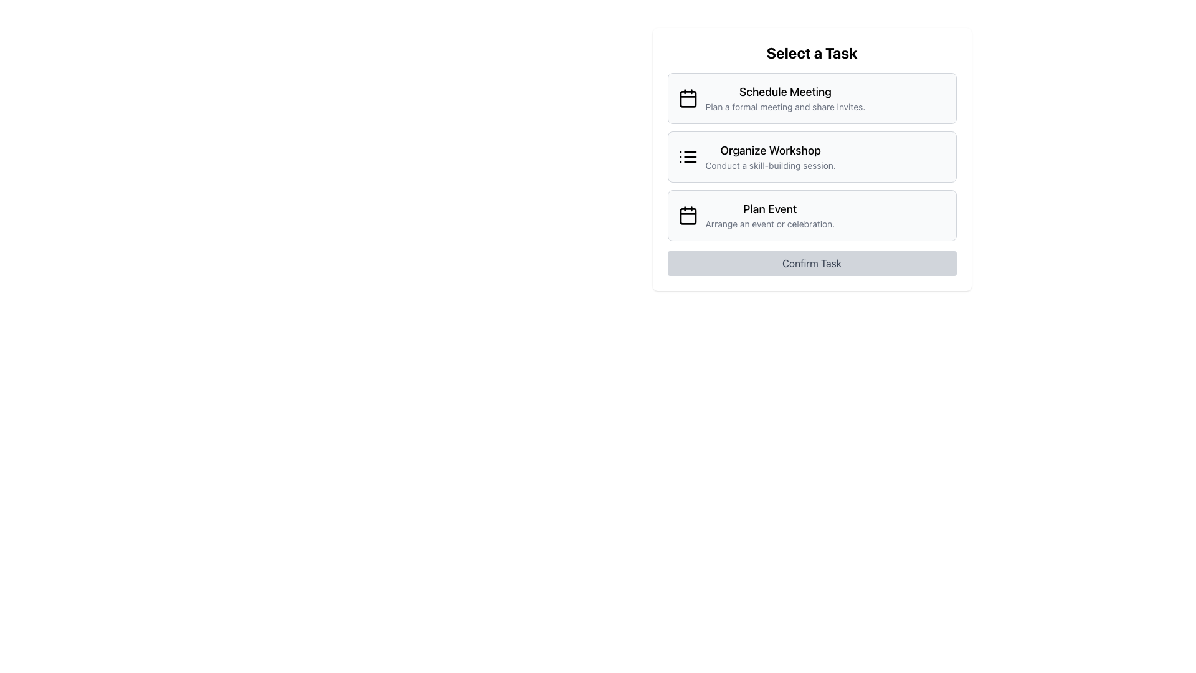 The image size is (1196, 673). What do you see at coordinates (812, 156) in the screenshot?
I see `the 'Organize Workshop' selectable list item, which is the second item in a vertically stacked list of tasks` at bounding box center [812, 156].